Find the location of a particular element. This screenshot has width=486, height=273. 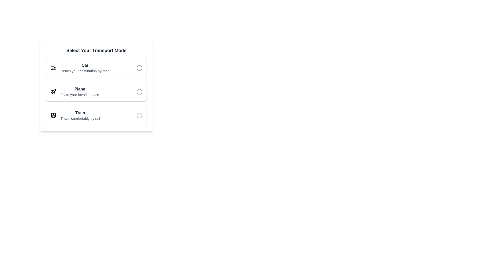

the circular radio button for the 'Plane' option is located at coordinates (139, 92).